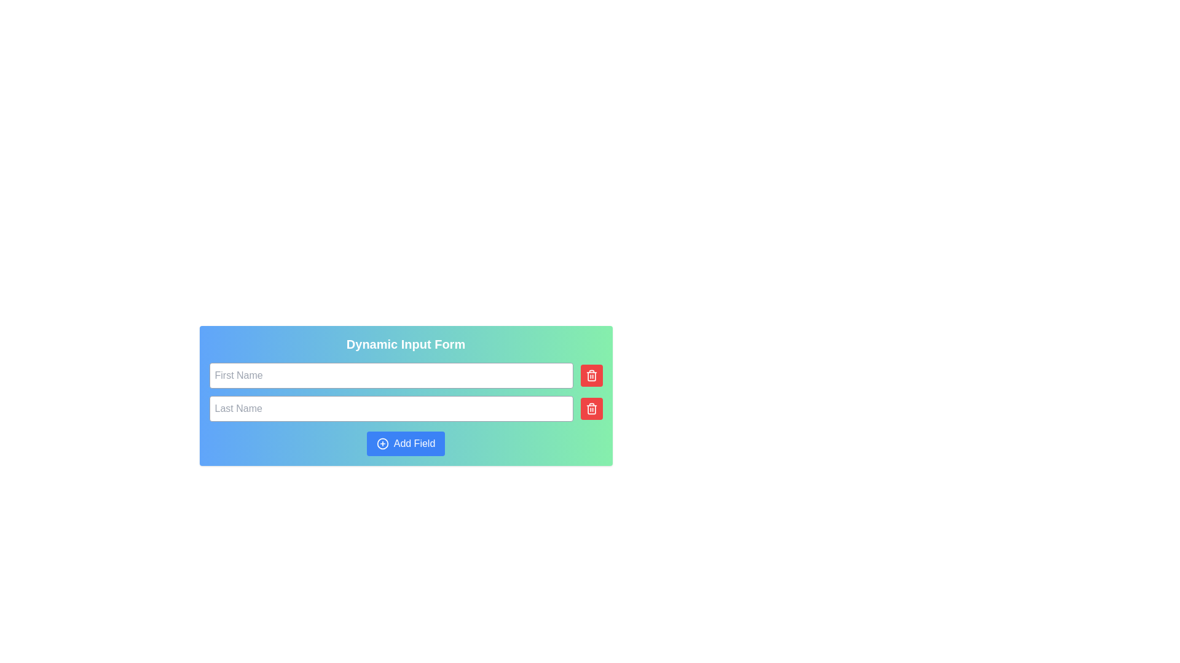 This screenshot has width=1180, height=663. What do you see at coordinates (406, 344) in the screenshot?
I see `the Text Label that serves as a title or header for the associated form, positioned above the input fields for 'First Name' and 'Last Name'` at bounding box center [406, 344].